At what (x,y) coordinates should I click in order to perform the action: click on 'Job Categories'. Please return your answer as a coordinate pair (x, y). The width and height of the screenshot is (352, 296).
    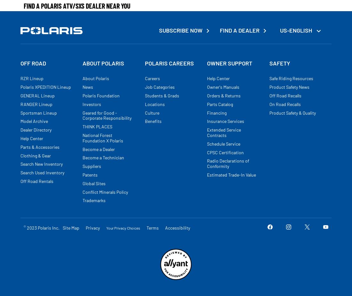
    Looking at the image, I should click on (159, 87).